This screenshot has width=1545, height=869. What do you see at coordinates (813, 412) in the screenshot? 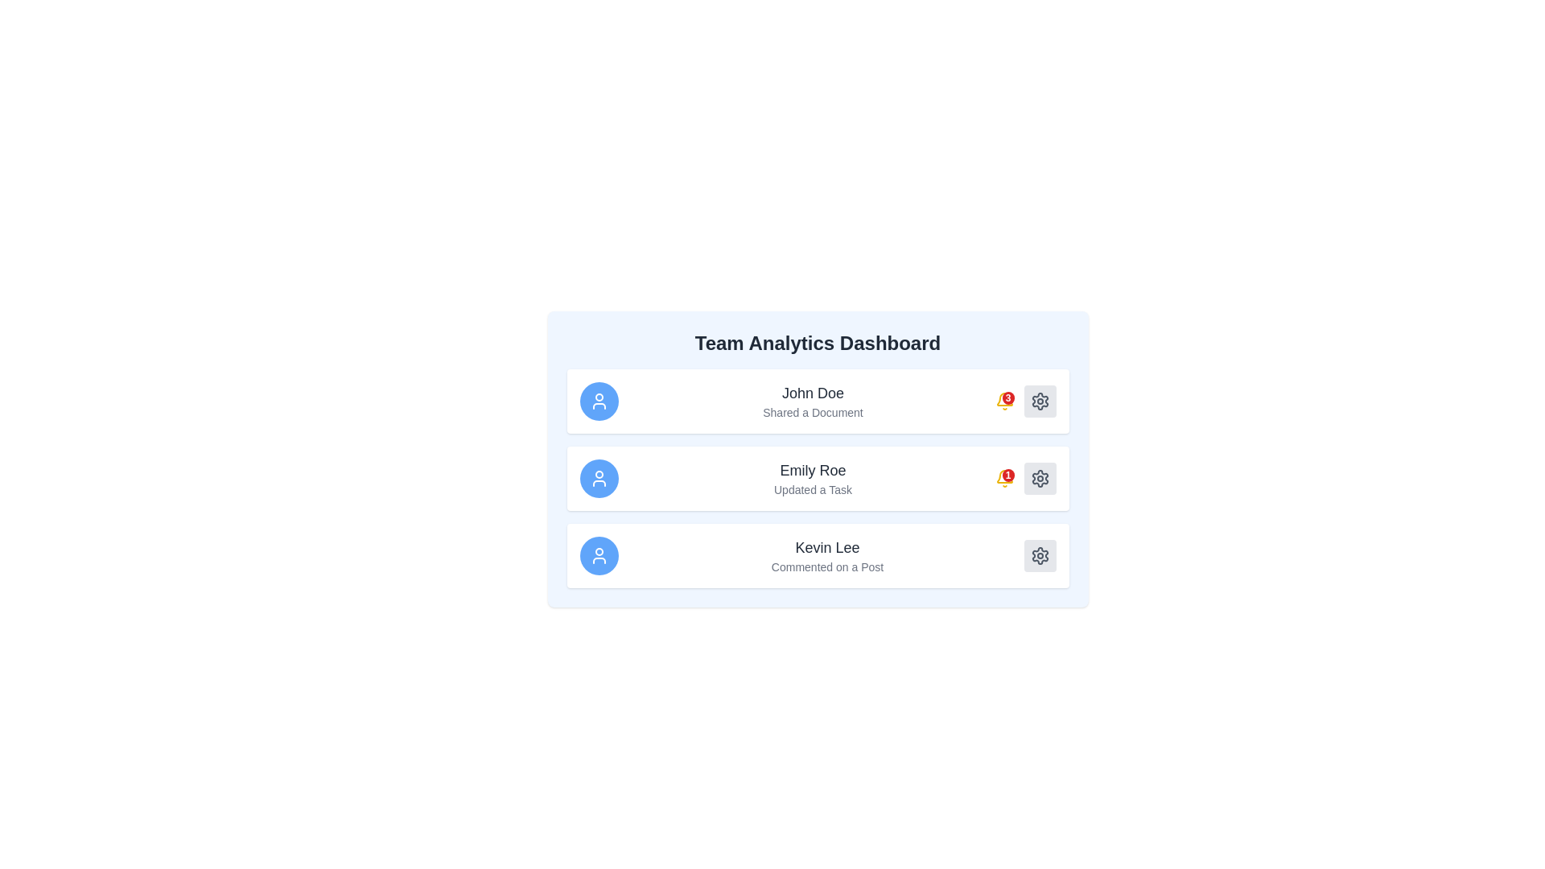
I see `the text label displaying 'Shared a Document' located directly underneath the name 'John Doe' within the notification card` at bounding box center [813, 412].